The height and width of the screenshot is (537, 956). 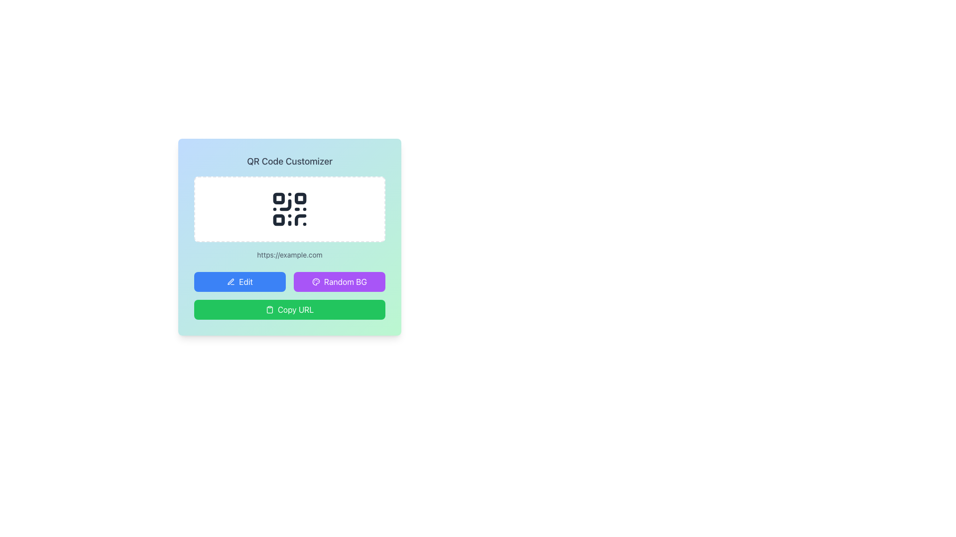 What do you see at coordinates (239, 282) in the screenshot?
I see `the 'Edit' button` at bounding box center [239, 282].